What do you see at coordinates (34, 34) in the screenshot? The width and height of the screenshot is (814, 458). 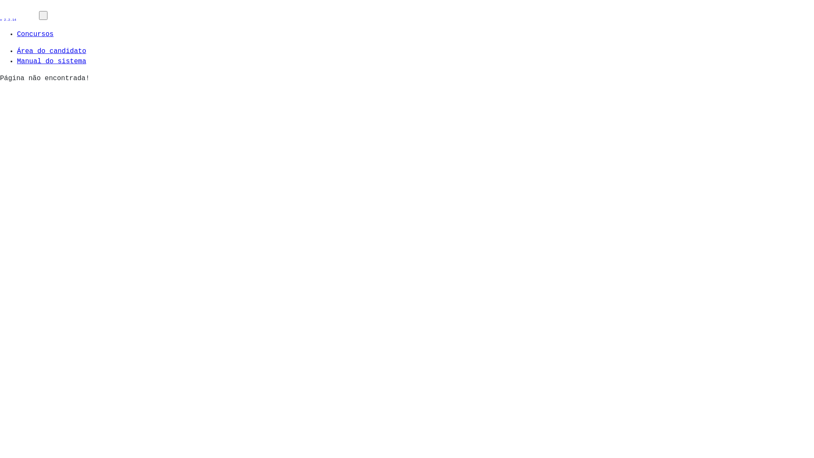 I see `'Concursos'` at bounding box center [34, 34].